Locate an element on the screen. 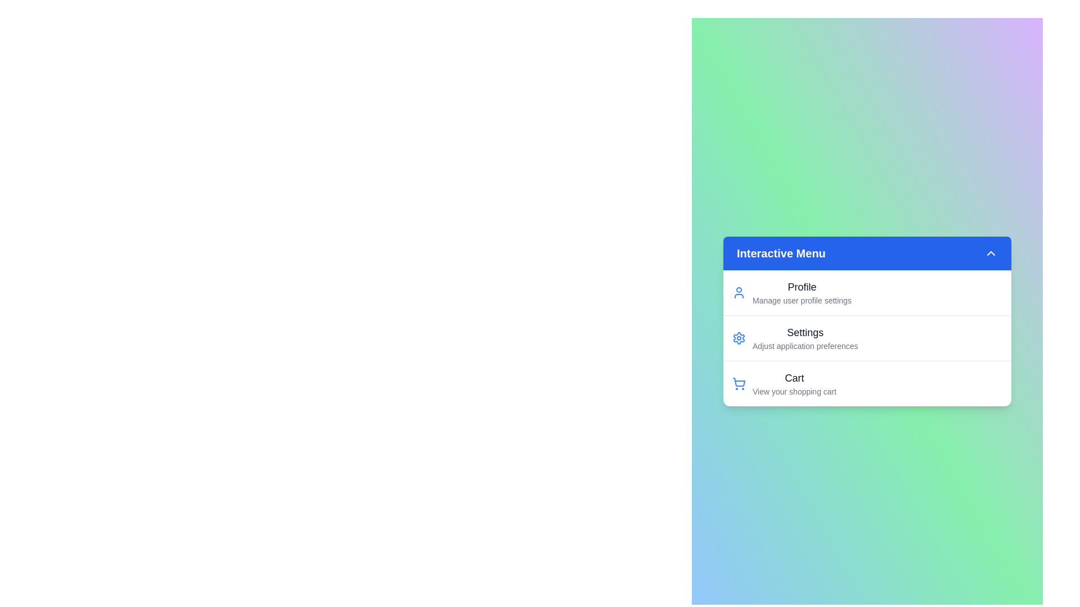  toggle button to expand or collapse the menu is located at coordinates (991, 253).